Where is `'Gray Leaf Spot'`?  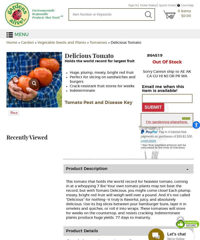 'Gray Leaf Spot' is located at coordinates (64, 68).